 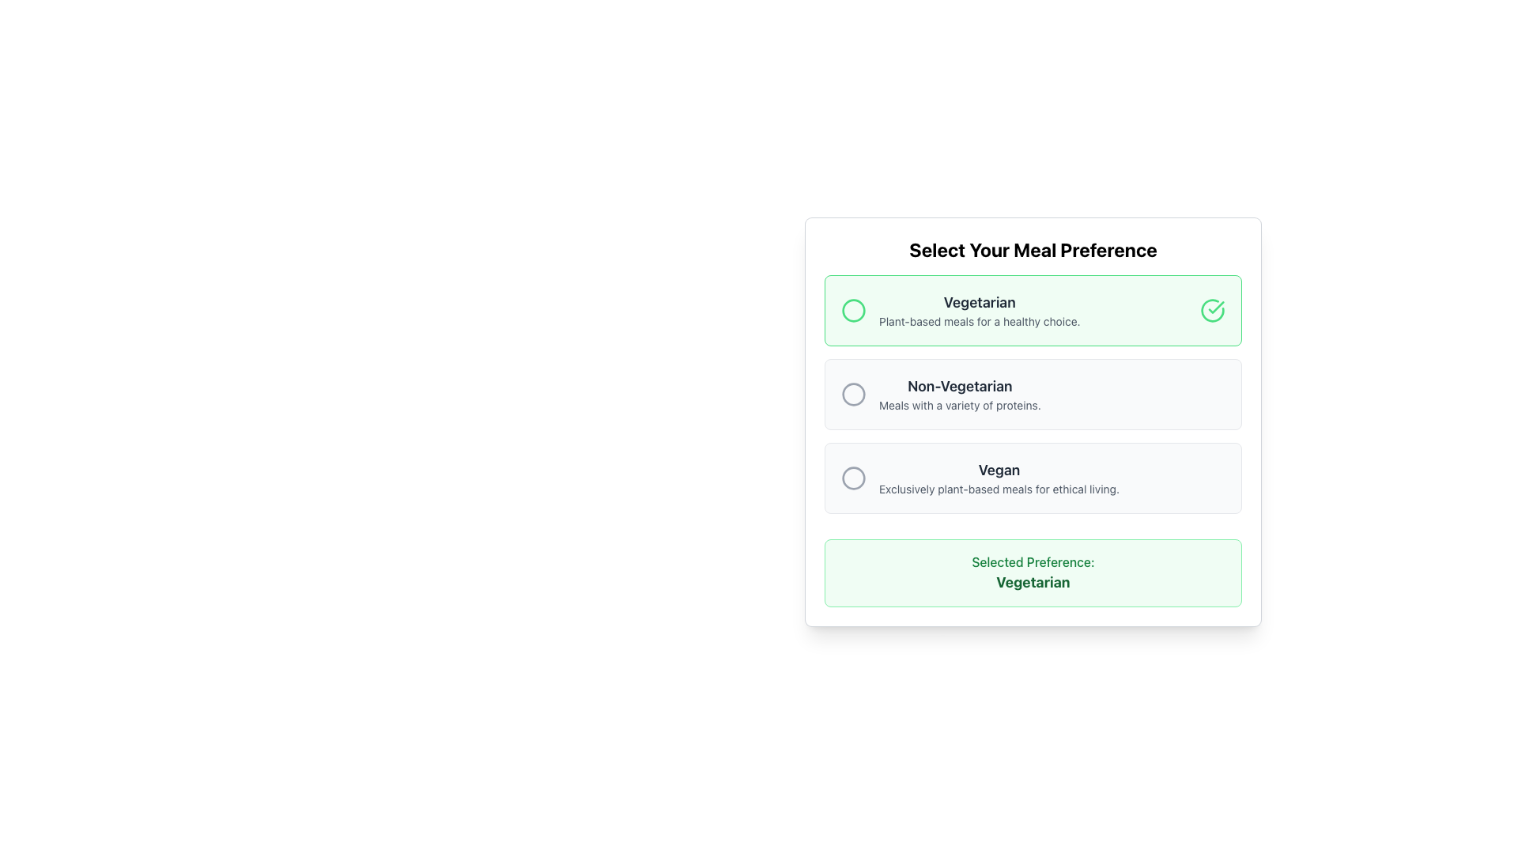 I want to click on the checkmark icon representing the 'Vegetarian' meal preference, which is styled with a green stroke and located inside a larger circular green border, so click(x=1215, y=308).